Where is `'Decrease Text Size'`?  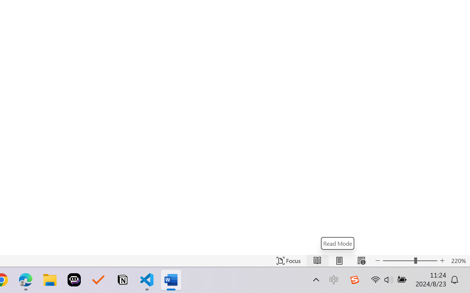
'Decrease Text Size' is located at coordinates (378, 260).